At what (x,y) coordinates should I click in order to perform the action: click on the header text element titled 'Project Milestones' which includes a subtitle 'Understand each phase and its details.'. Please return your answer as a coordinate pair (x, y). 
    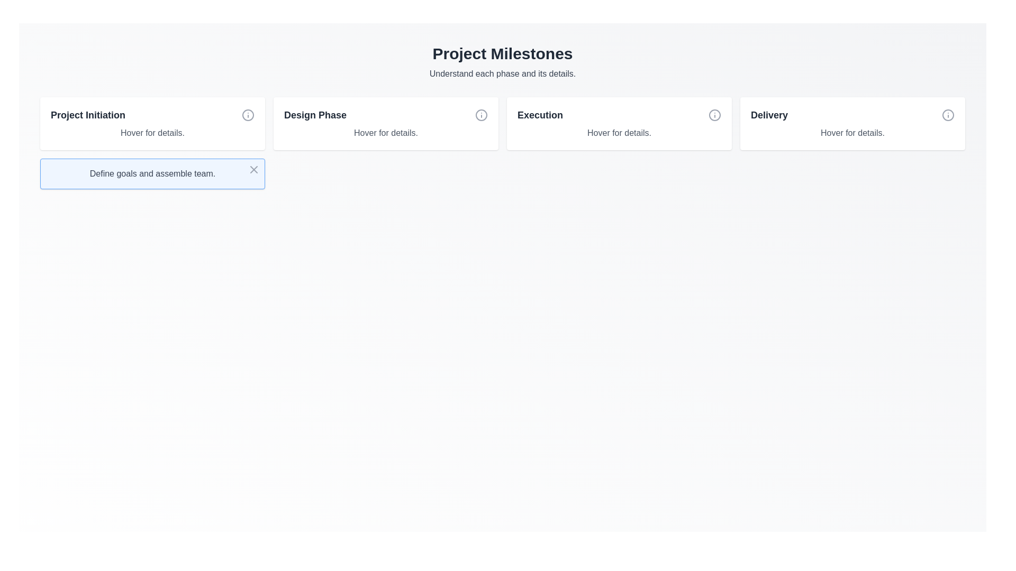
    Looking at the image, I should click on (502, 62).